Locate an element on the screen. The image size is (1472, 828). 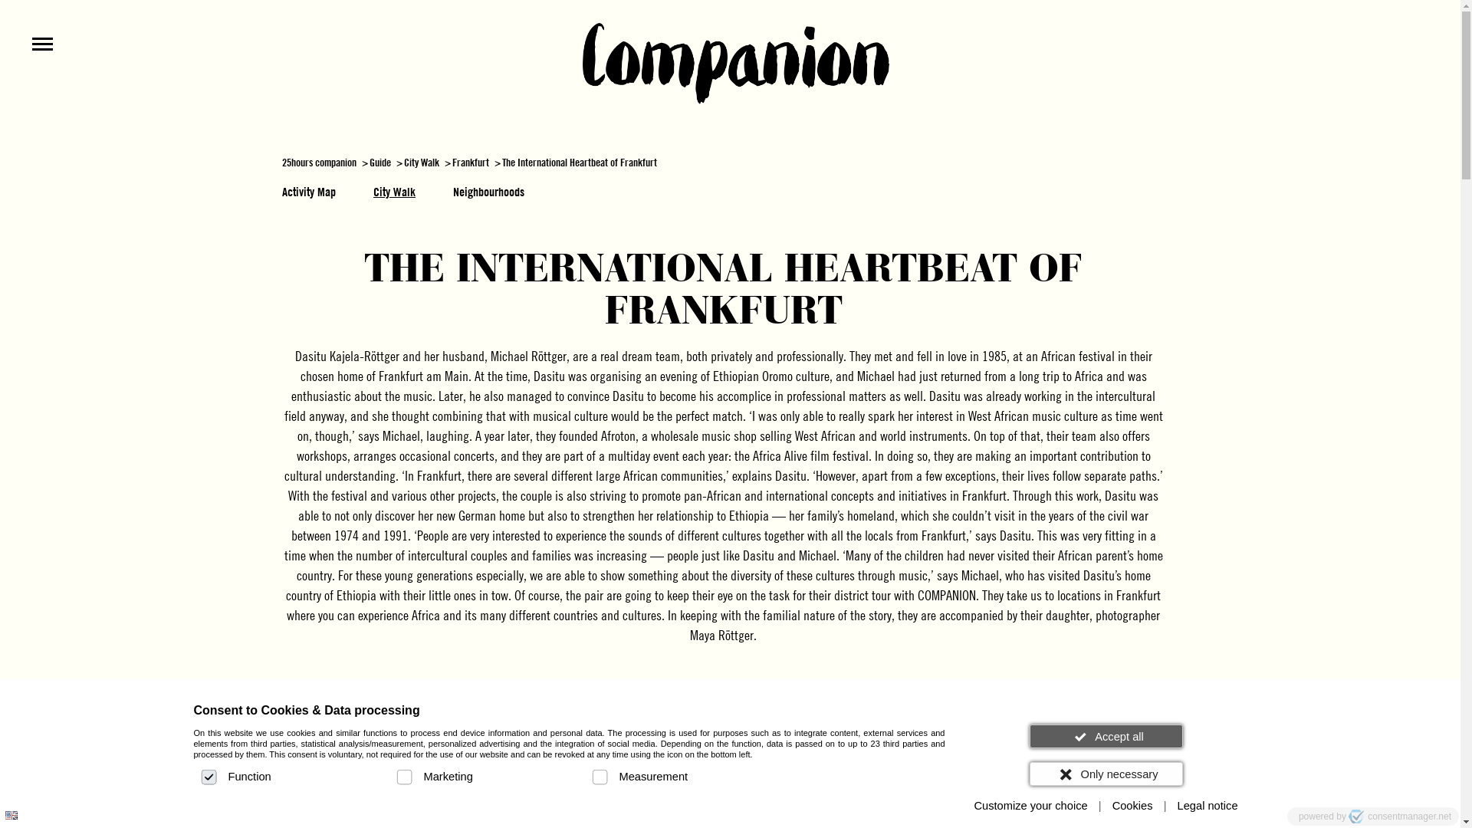
'Legal notice' is located at coordinates (1169, 805).